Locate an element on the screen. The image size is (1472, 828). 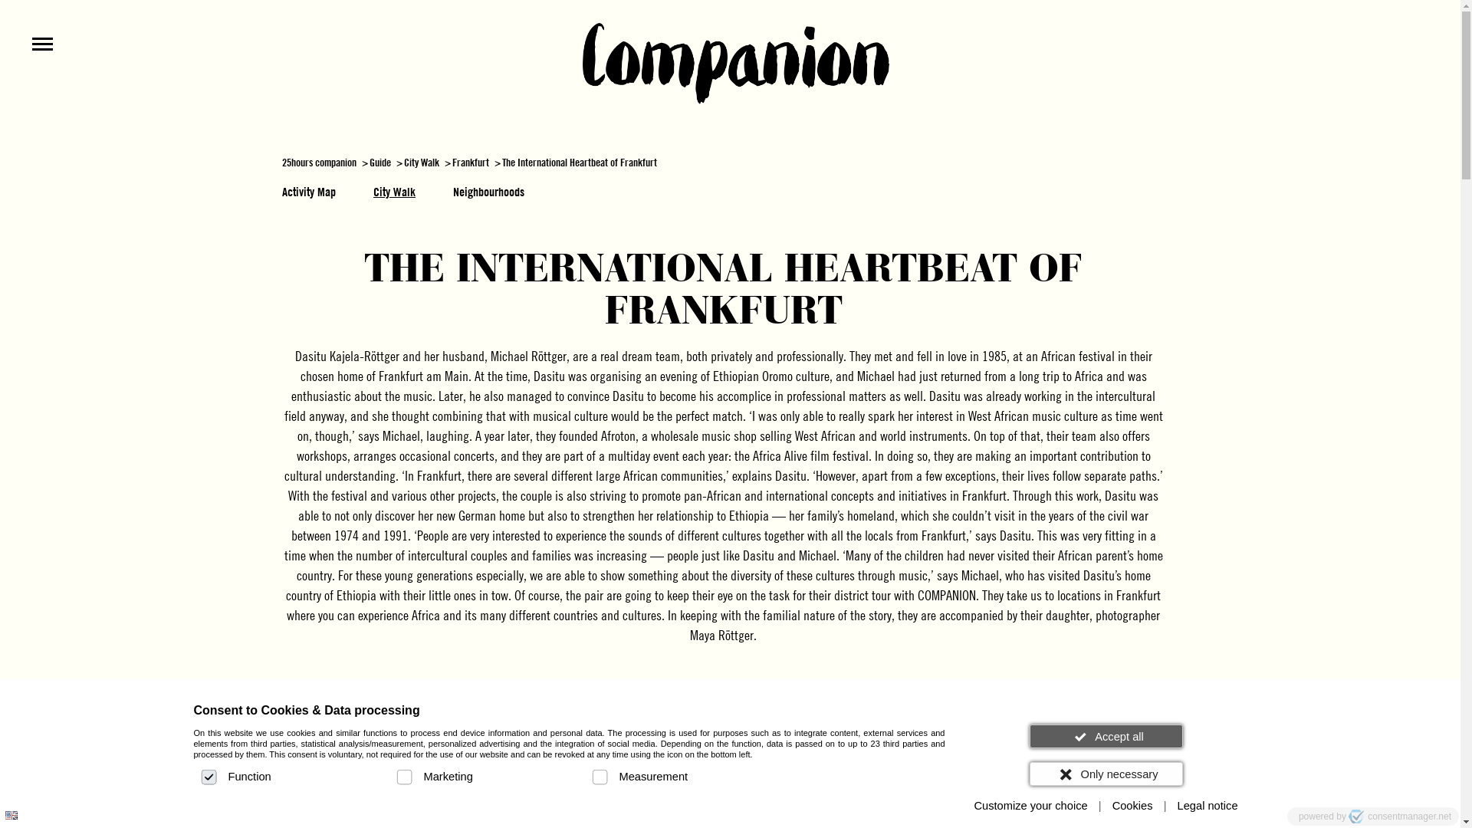
'Legal notice' is located at coordinates (1169, 805).